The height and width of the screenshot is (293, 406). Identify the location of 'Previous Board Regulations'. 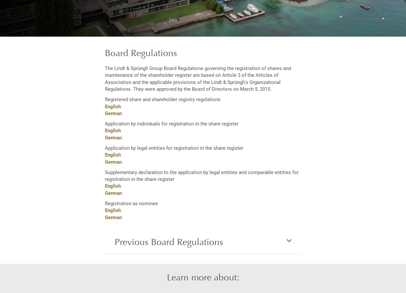
(114, 242).